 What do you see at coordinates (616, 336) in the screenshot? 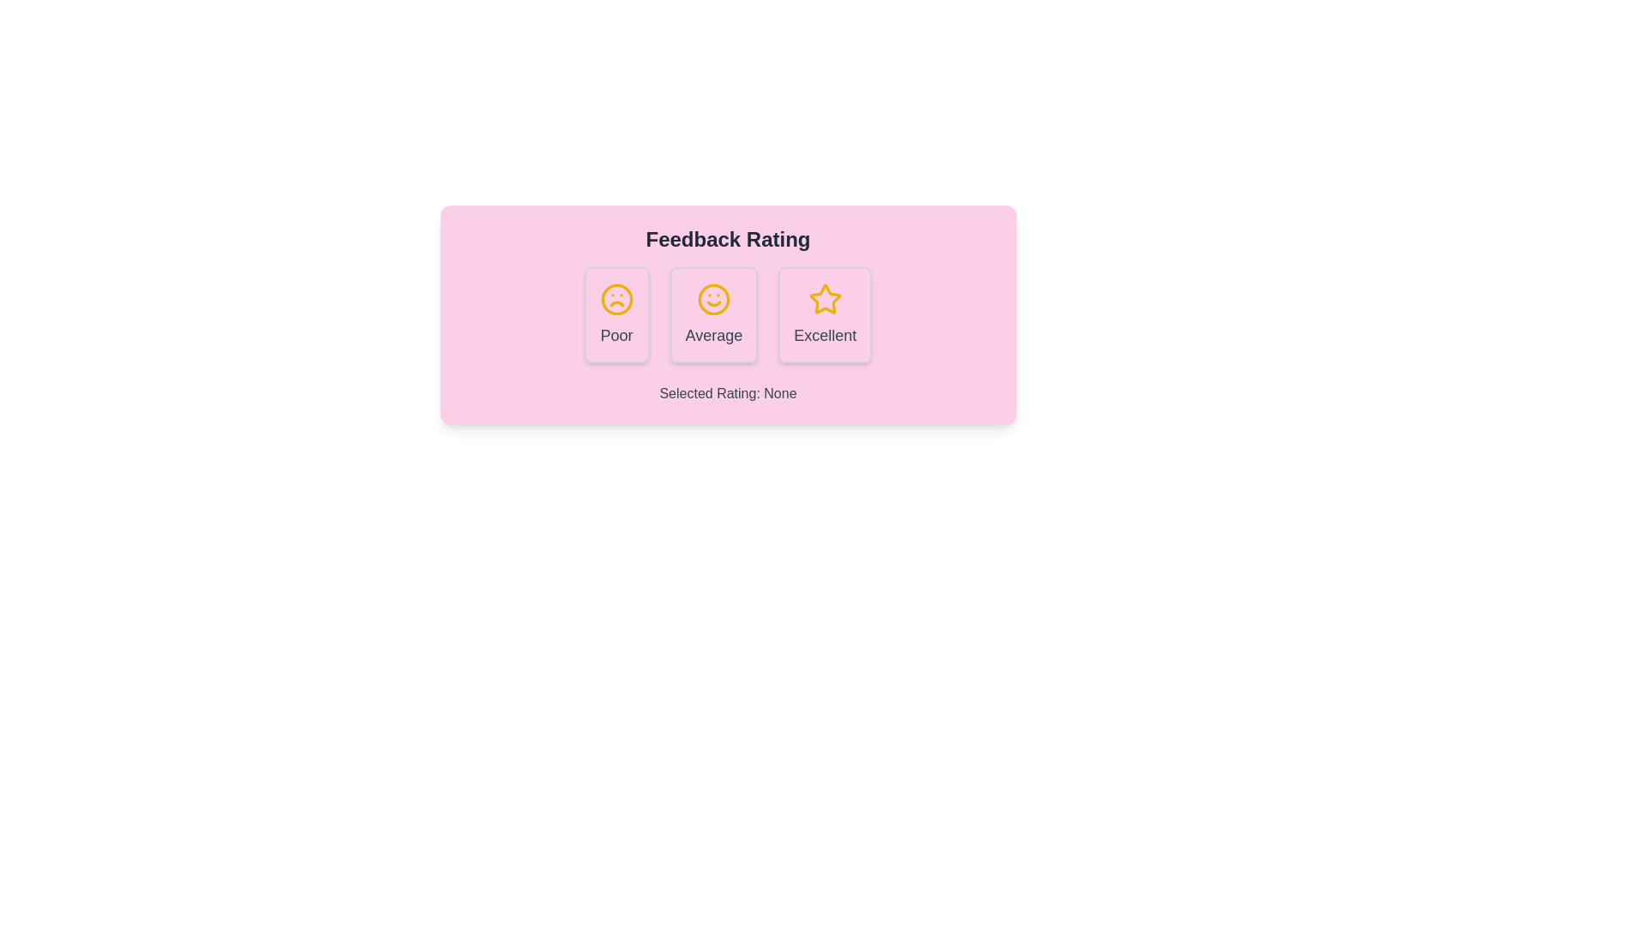
I see `text label that indicates the rating option 'Poor', which is positioned below a frowning face icon and is the first rating option from the left` at bounding box center [616, 336].